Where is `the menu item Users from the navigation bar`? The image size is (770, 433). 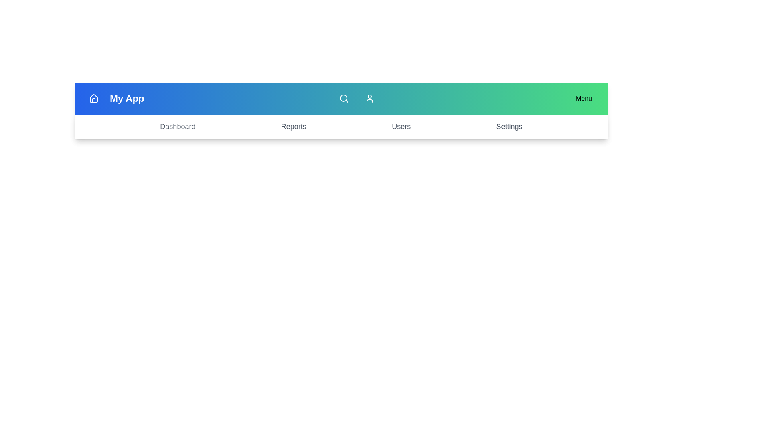
the menu item Users from the navigation bar is located at coordinates (401, 126).